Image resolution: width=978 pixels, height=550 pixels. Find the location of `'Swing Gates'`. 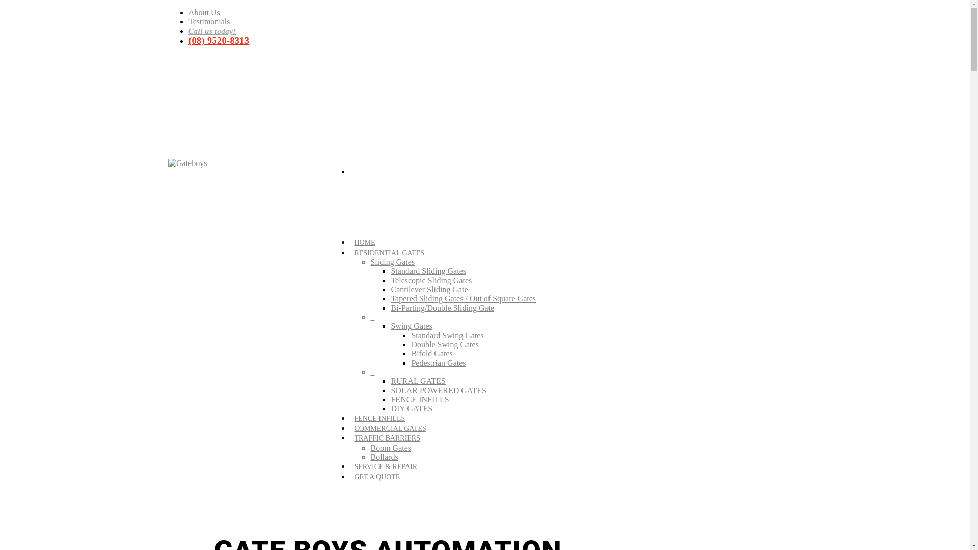

'Swing Gates' is located at coordinates (390, 326).